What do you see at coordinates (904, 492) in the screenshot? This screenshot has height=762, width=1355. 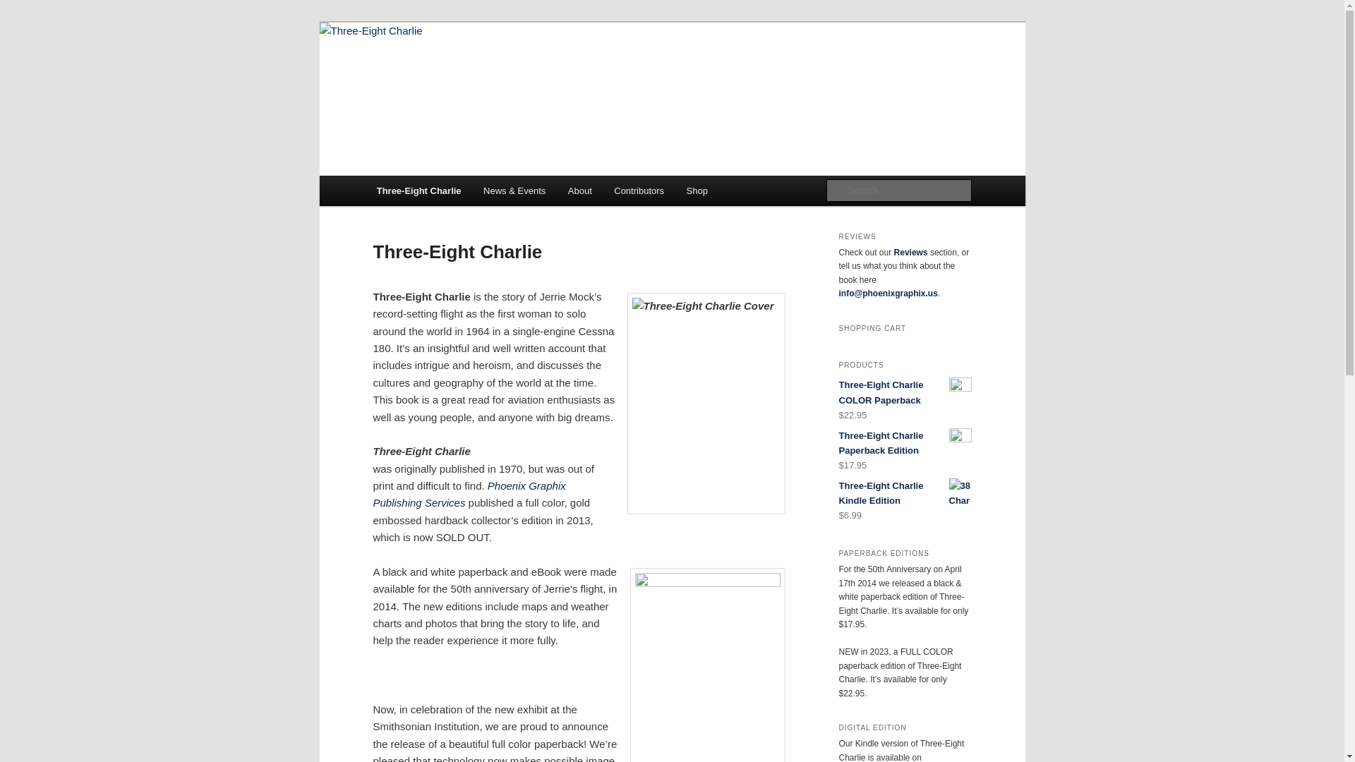 I see `'Three-Eight Charlie Kindle Edition'` at bounding box center [904, 492].